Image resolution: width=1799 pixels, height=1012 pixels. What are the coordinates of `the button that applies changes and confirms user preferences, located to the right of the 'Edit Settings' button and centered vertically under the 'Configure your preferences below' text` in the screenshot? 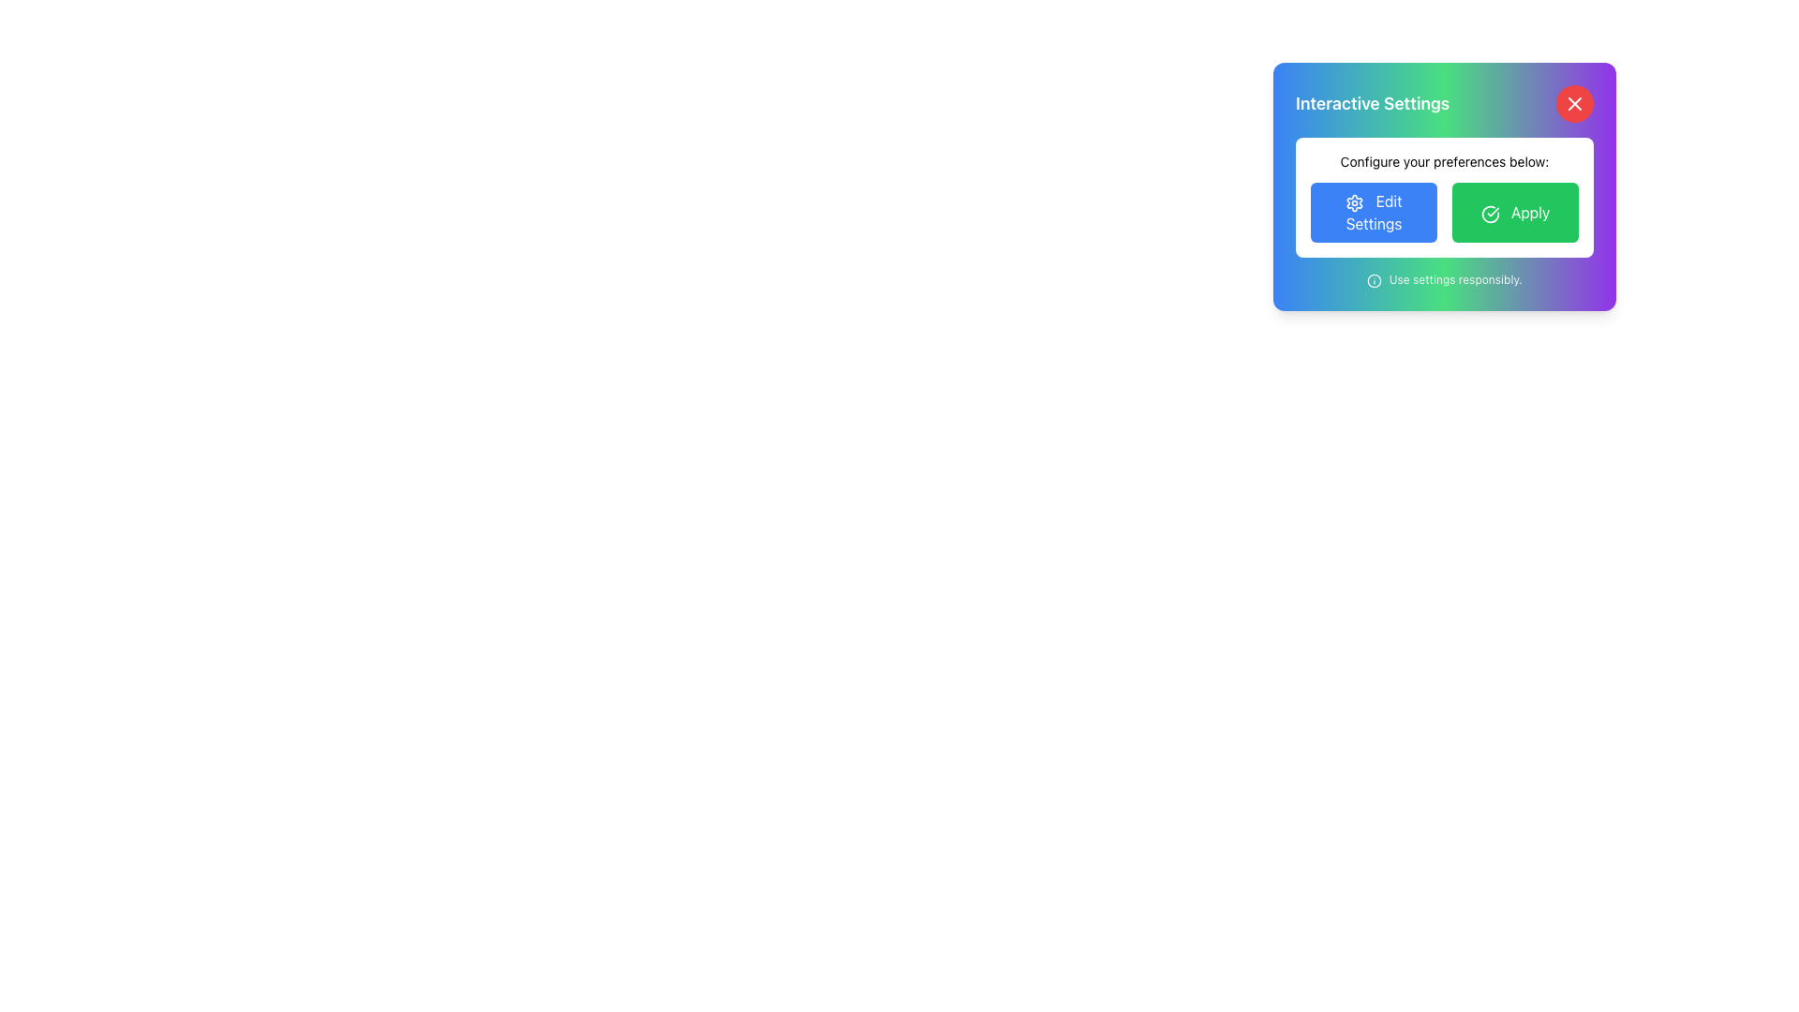 It's located at (1515, 212).